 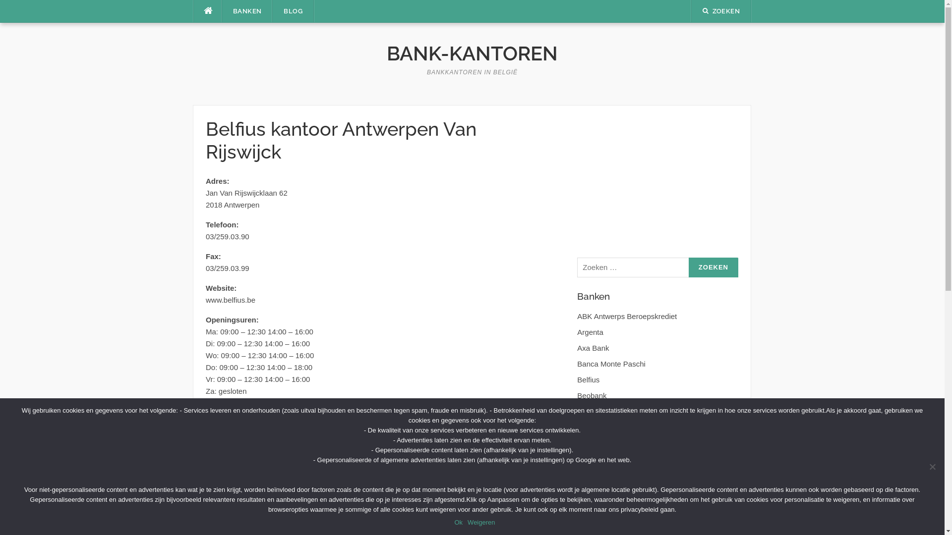 What do you see at coordinates (611, 364) in the screenshot?
I see `'Banca Monte Paschi'` at bounding box center [611, 364].